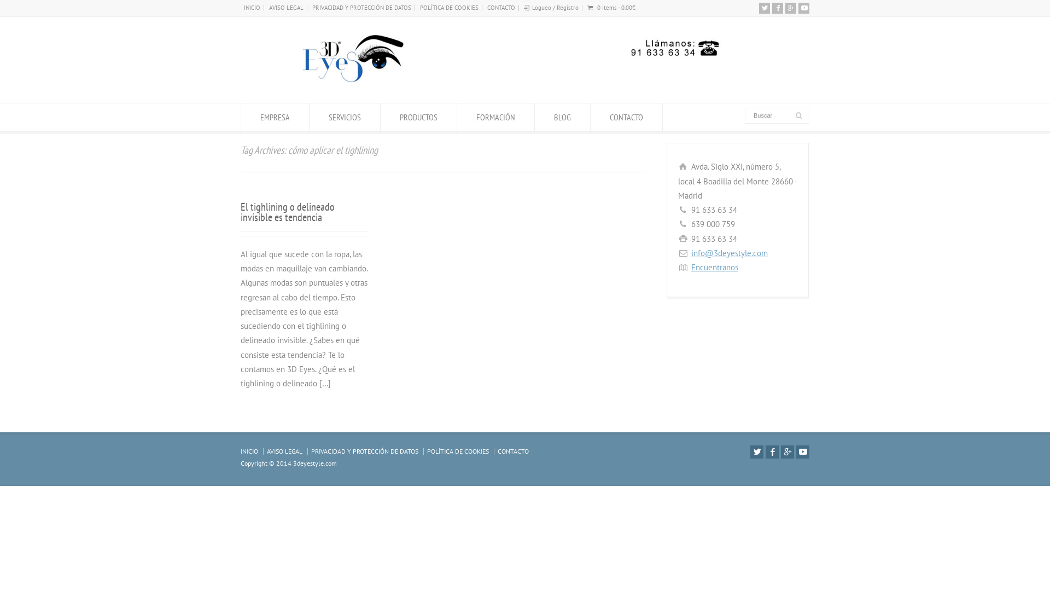 The image size is (1050, 591). I want to click on 'El tighlining o delineado invisible es tendencia', so click(288, 212).